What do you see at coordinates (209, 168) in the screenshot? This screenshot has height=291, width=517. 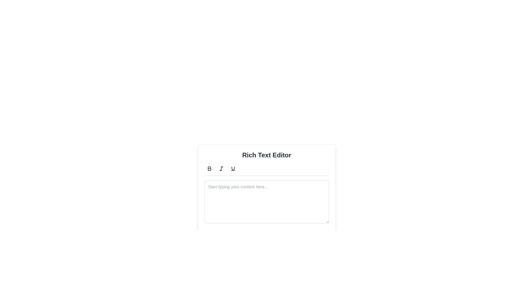 I see `the circular button with a bold letter 'B' inside, located in the first slot from the left among text formatting buttons above the 'Rich Text Editor'` at bounding box center [209, 168].